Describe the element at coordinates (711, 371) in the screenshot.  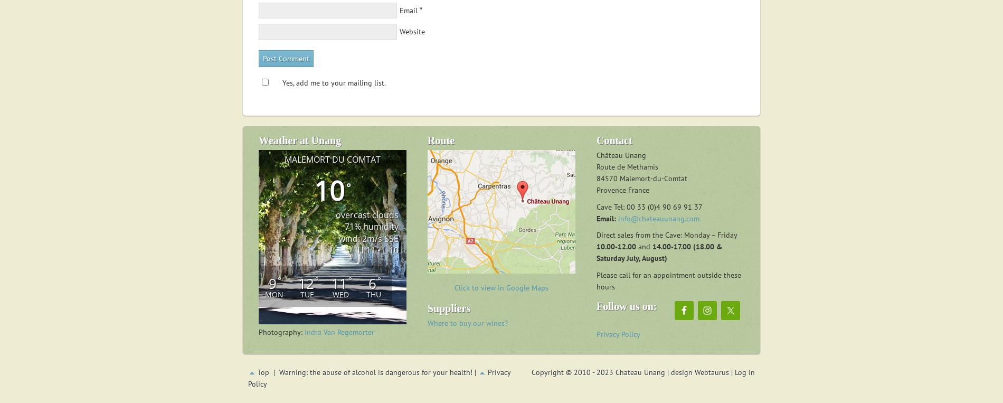
I see `'Webtaurus'` at that location.